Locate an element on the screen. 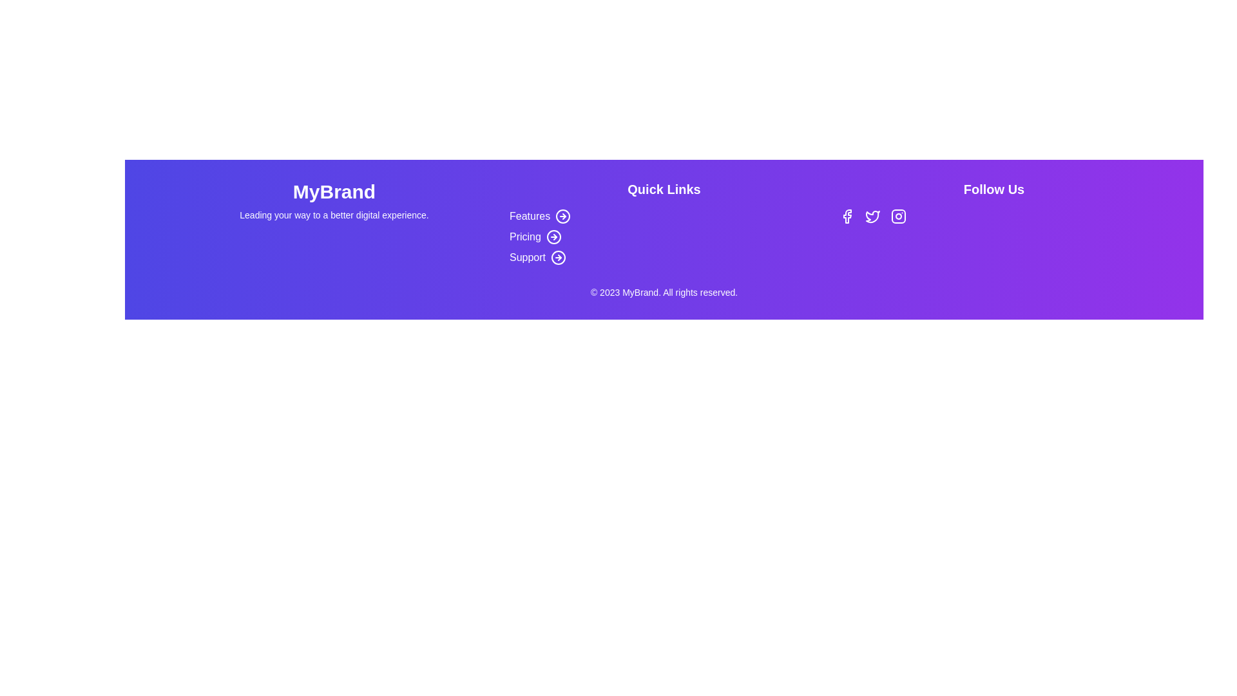 This screenshot has height=696, width=1237. the purple circular UI component with a white border, located within the right-facing arrow icon in the 'Quick Links' section of the footer, adjacent to the 'Pricing' text link is located at coordinates (553, 237).